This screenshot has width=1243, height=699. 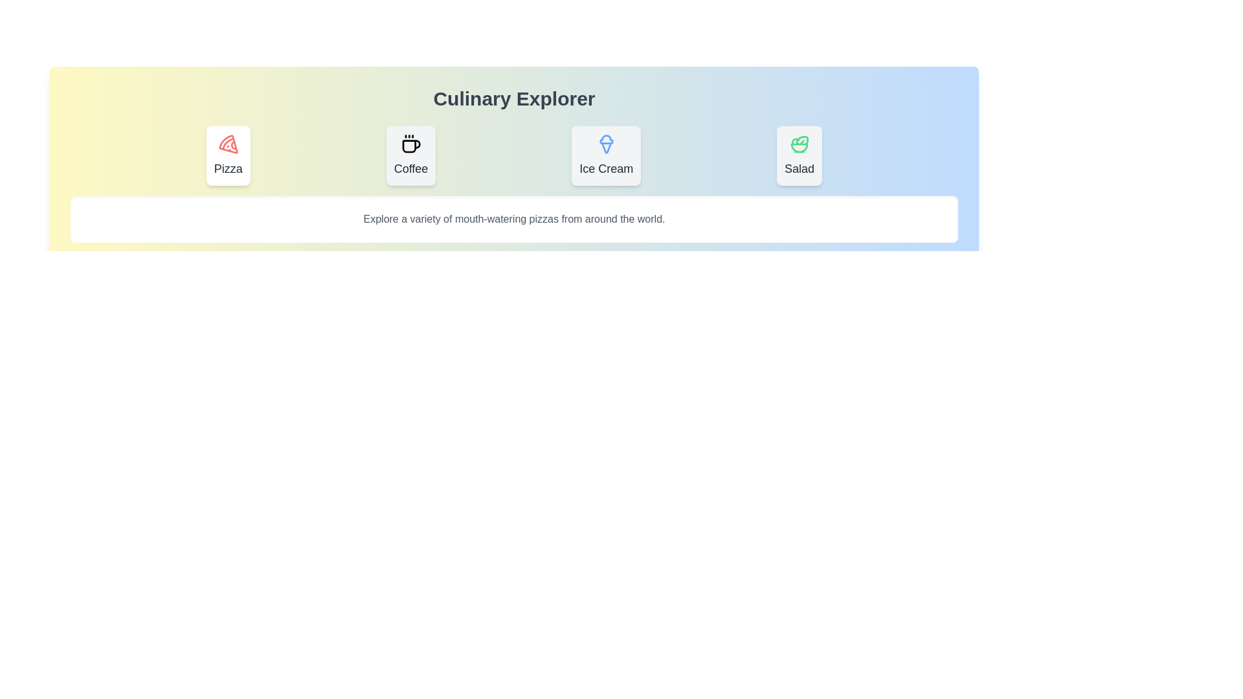 What do you see at coordinates (605, 155) in the screenshot?
I see `the 'Ice Cream' tab to display its content` at bounding box center [605, 155].